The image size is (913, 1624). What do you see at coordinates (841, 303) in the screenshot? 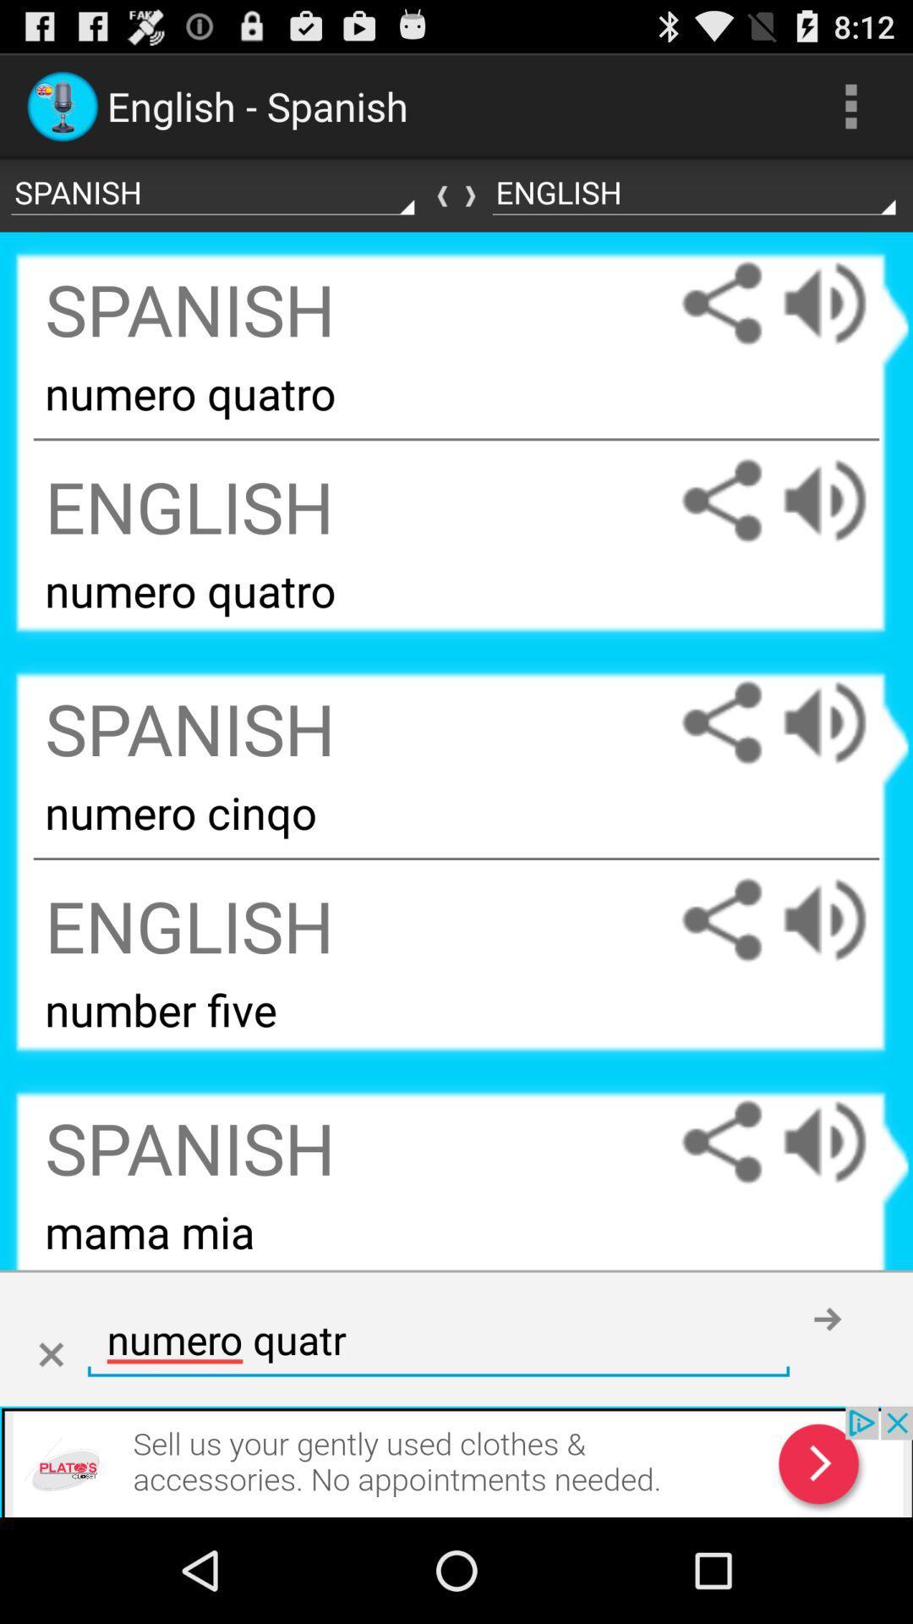
I see `speaker button` at bounding box center [841, 303].